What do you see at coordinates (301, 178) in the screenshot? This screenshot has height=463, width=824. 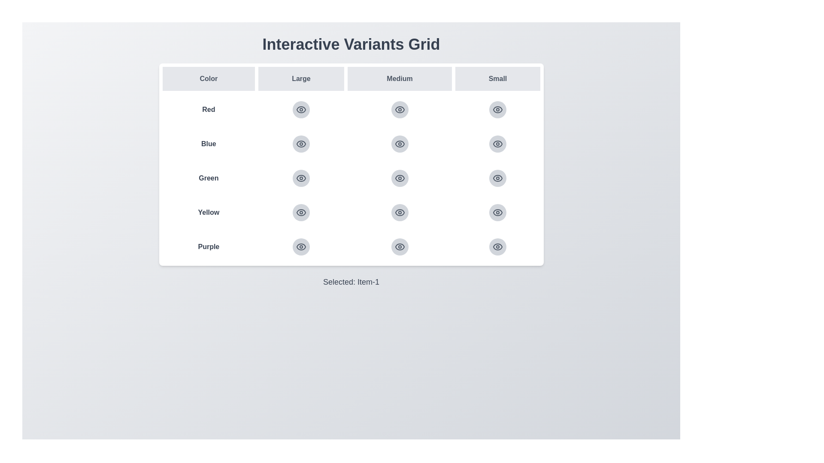 I see `the Button with an eye-shaped icon located in the row labeled 'Green' and under the 'Large' category by moving the cursor to its center point` at bounding box center [301, 178].